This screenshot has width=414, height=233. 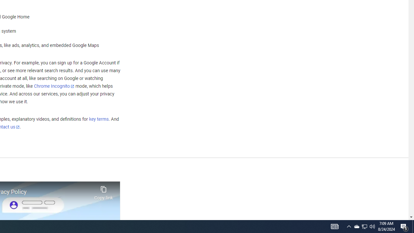 What do you see at coordinates (54, 86) in the screenshot?
I see `'Chrome Incognito'` at bounding box center [54, 86].